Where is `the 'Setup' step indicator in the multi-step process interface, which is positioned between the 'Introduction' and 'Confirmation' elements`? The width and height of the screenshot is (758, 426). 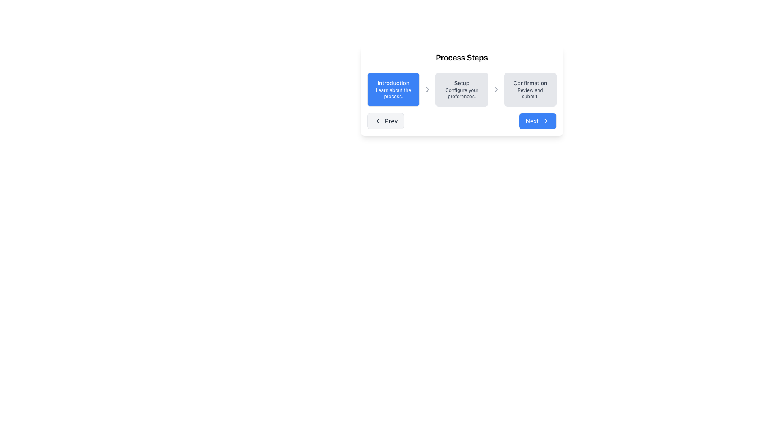 the 'Setup' step indicator in the multi-step process interface, which is positioned between the 'Introduction' and 'Confirmation' elements is located at coordinates (462, 89).